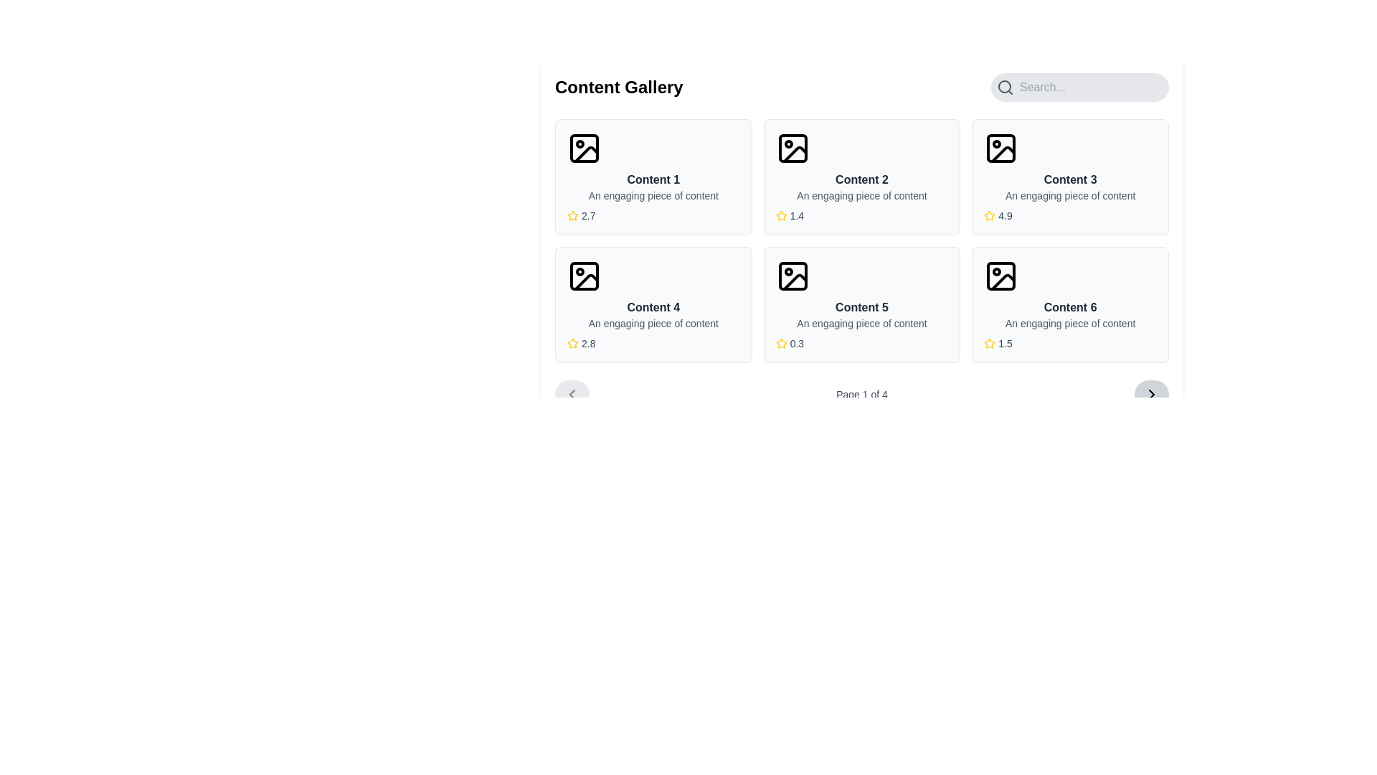 The height and width of the screenshot is (775, 1377). Describe the element at coordinates (653, 215) in the screenshot. I see `the star graphic in the Rating component located at the bottom-left corner of the 'Content 1' card in the 'Content Gallery'` at that location.